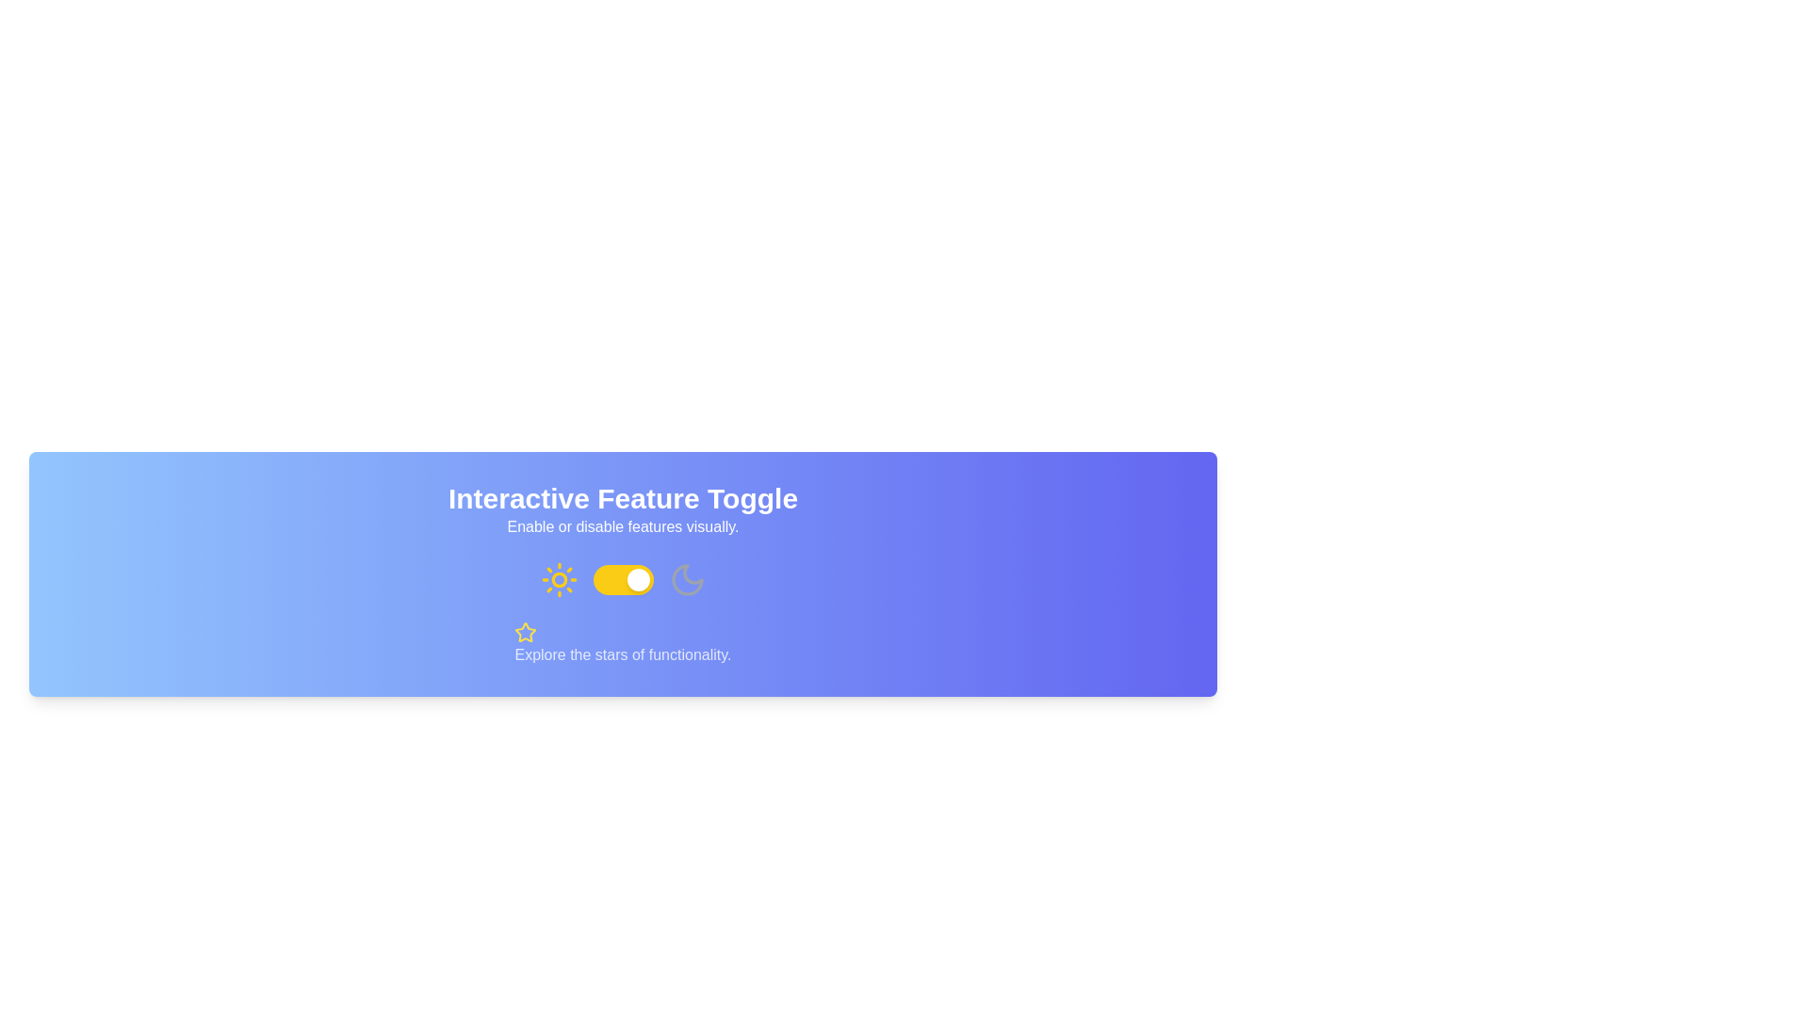  I want to click on the star icon located near the bottom center of the interface, positioned above the text 'Explore the stars of functionality.', so click(526, 632).